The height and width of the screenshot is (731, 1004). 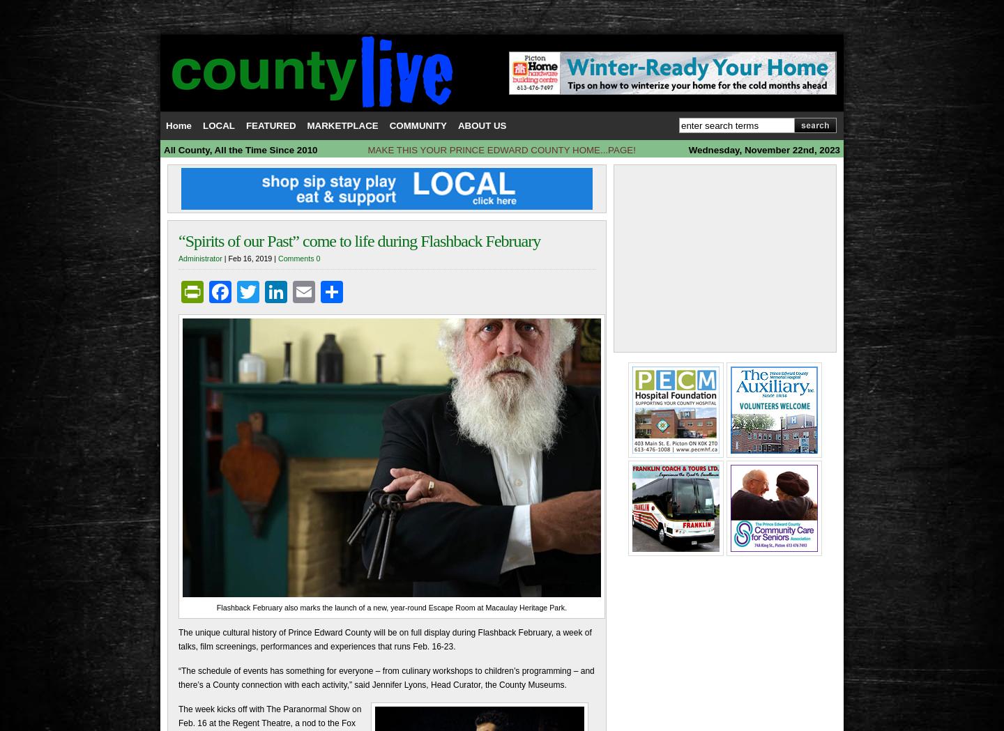 What do you see at coordinates (482, 125) in the screenshot?
I see `'ABOUT US'` at bounding box center [482, 125].